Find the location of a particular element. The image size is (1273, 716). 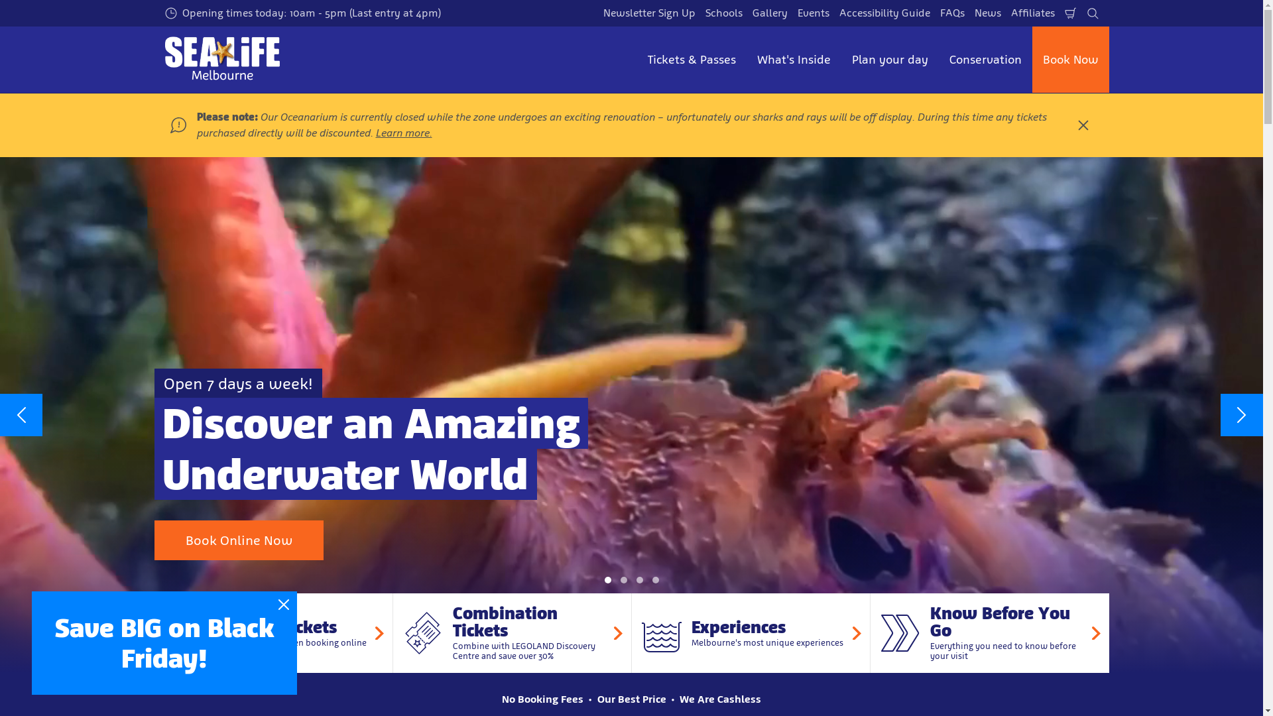

'Gallery' is located at coordinates (749, 13).